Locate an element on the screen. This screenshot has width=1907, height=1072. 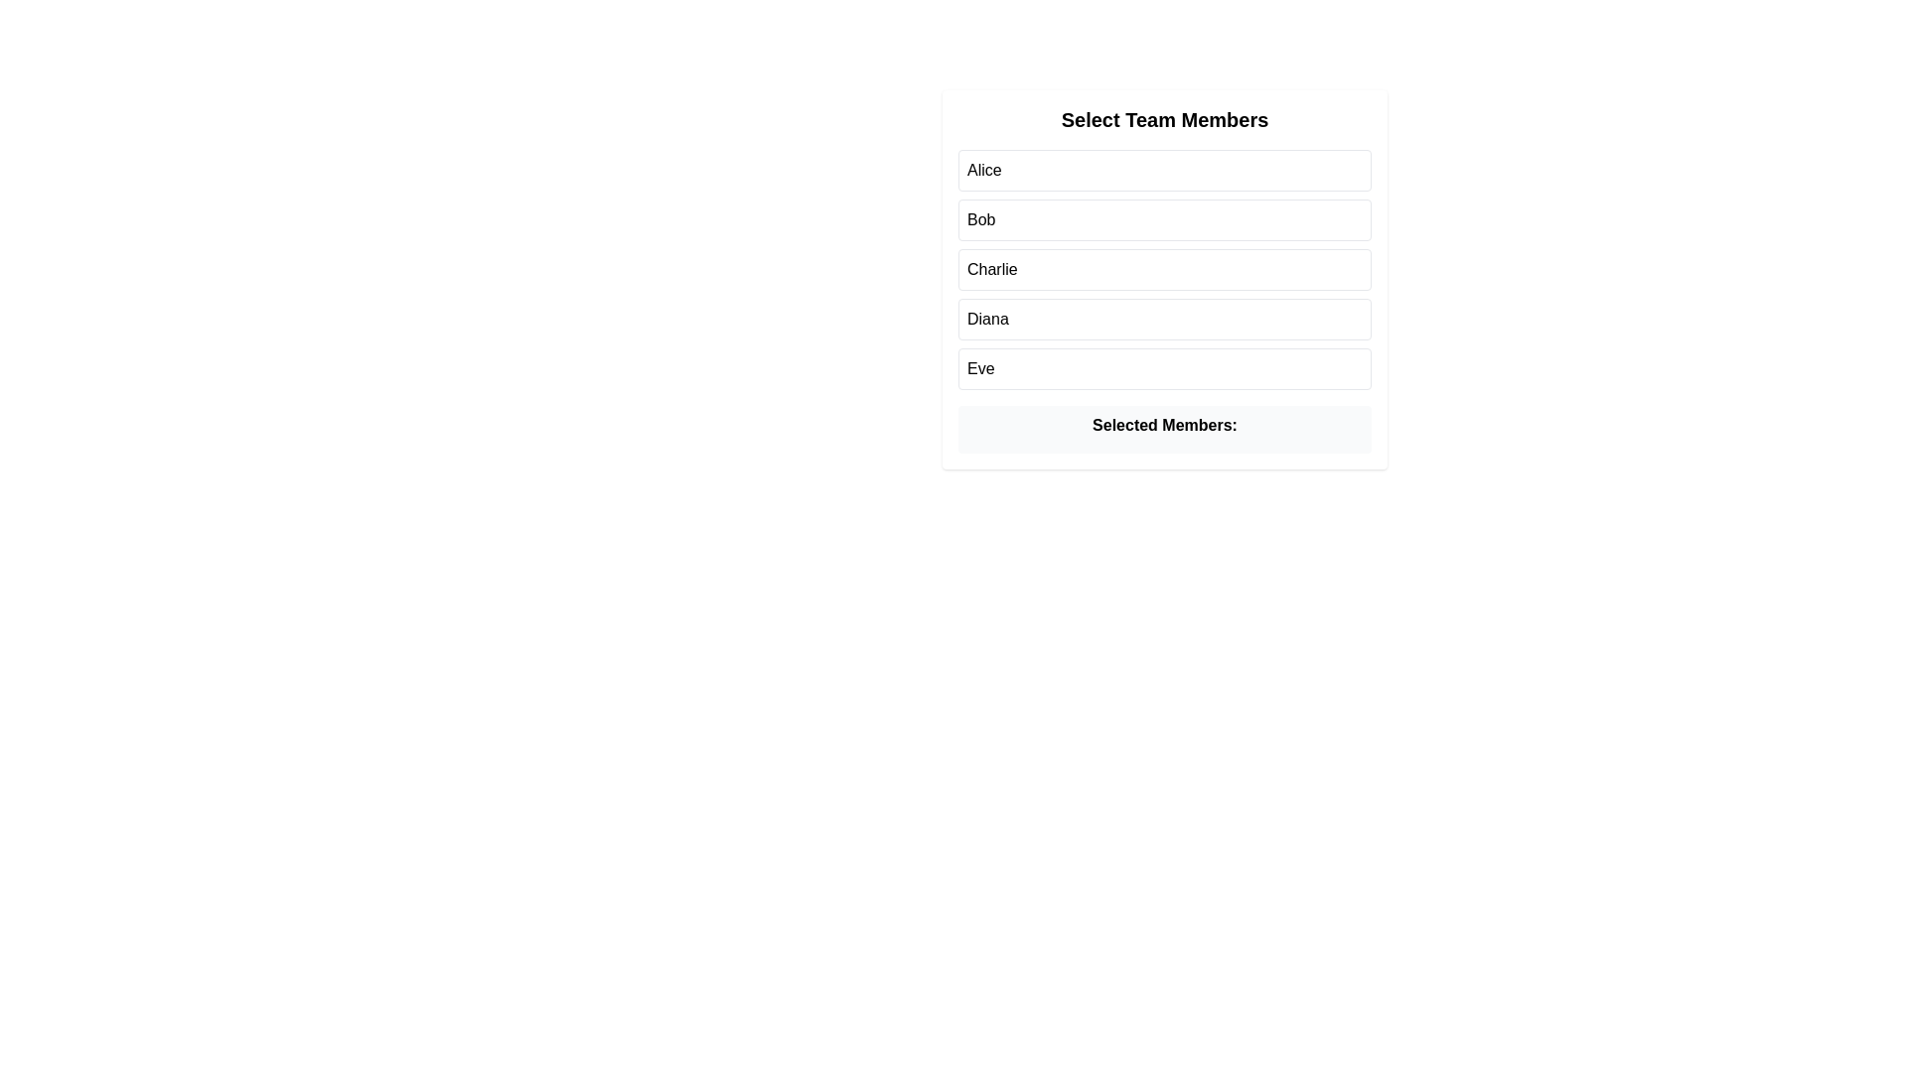
the text label reading 'Selected Members:' which is styled in bold and is located directly under the list of selectable members, below the last entry labeled 'Eve' is located at coordinates (1164, 424).